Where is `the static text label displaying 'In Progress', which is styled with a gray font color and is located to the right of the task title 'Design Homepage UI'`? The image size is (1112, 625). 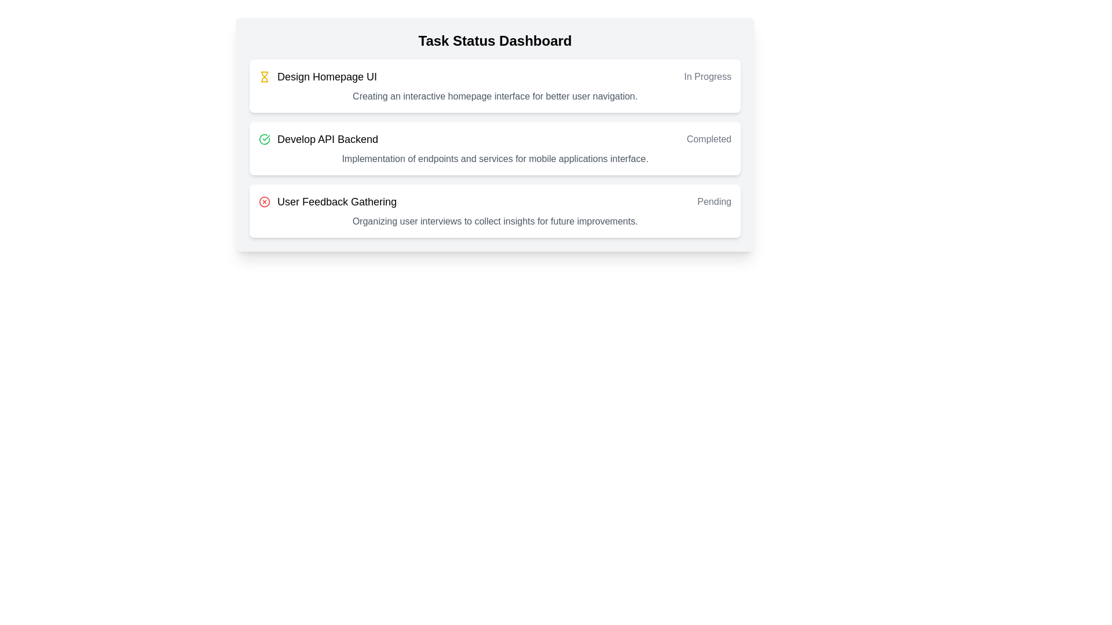
the static text label displaying 'In Progress', which is styled with a gray font color and is located to the right of the task title 'Design Homepage UI' is located at coordinates (707, 76).